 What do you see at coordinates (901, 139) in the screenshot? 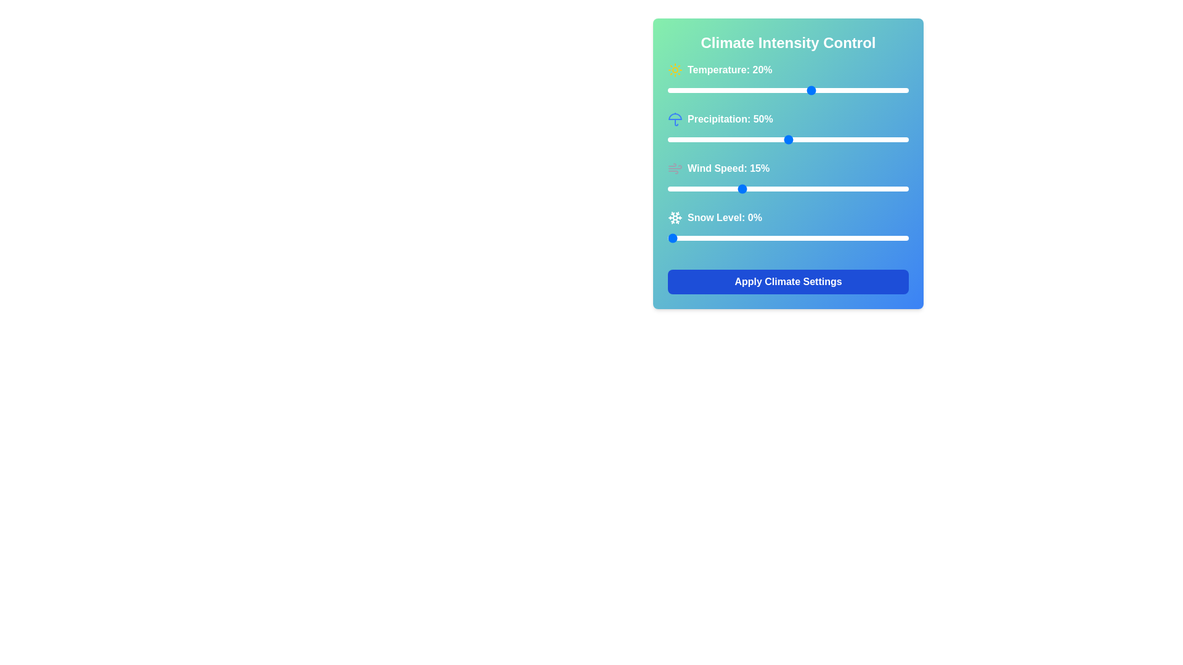
I see `Precipitation` at bounding box center [901, 139].